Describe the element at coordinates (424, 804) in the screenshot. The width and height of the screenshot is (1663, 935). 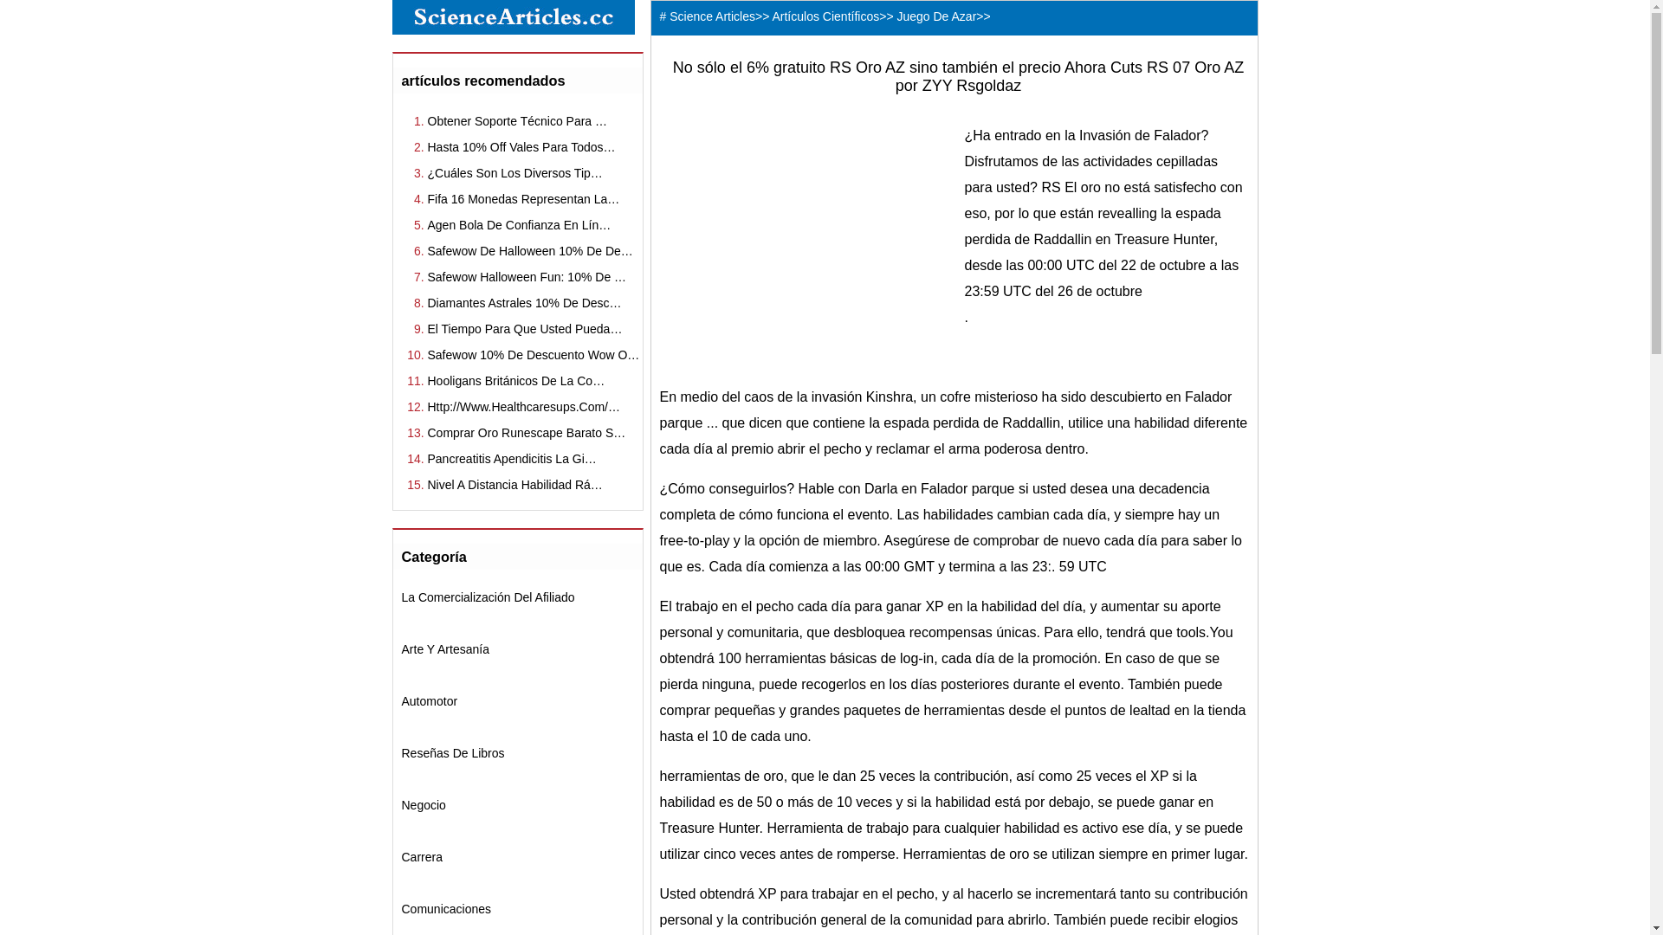
I see `'Negocio'` at that location.